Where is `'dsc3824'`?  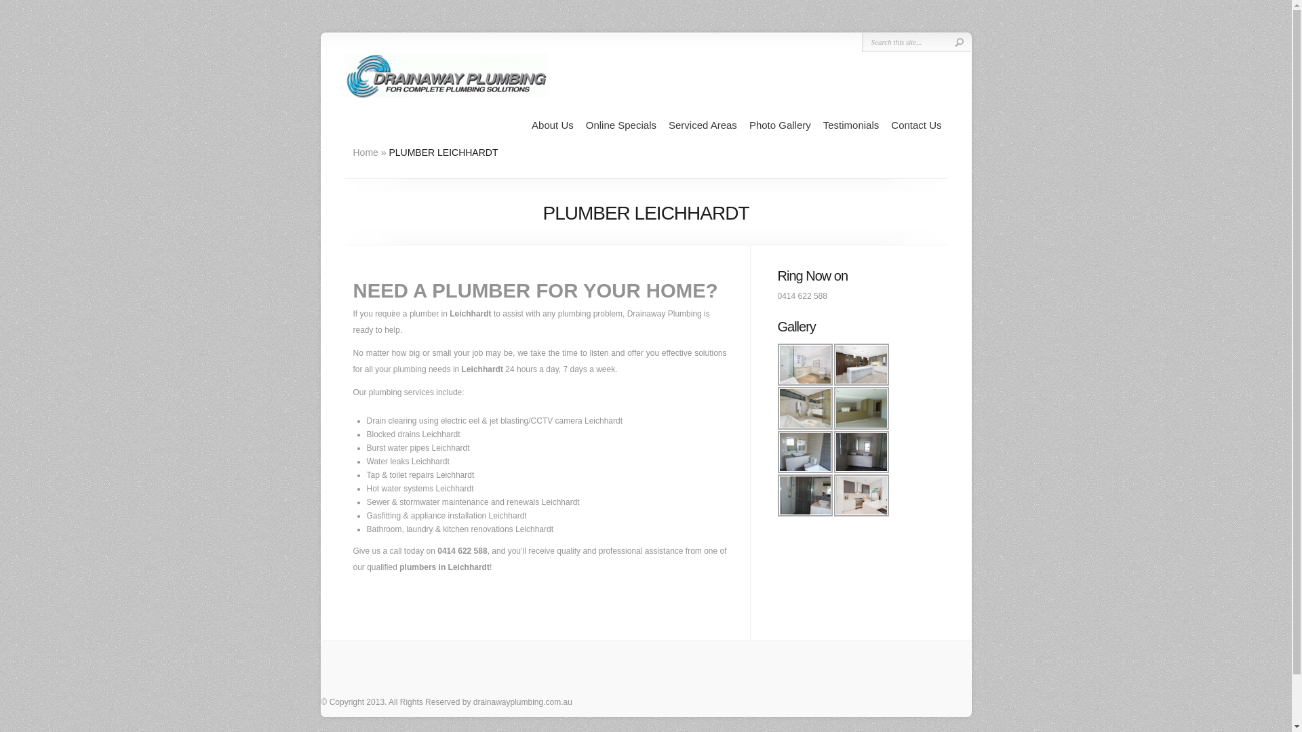 'dsc3824' is located at coordinates (804, 407).